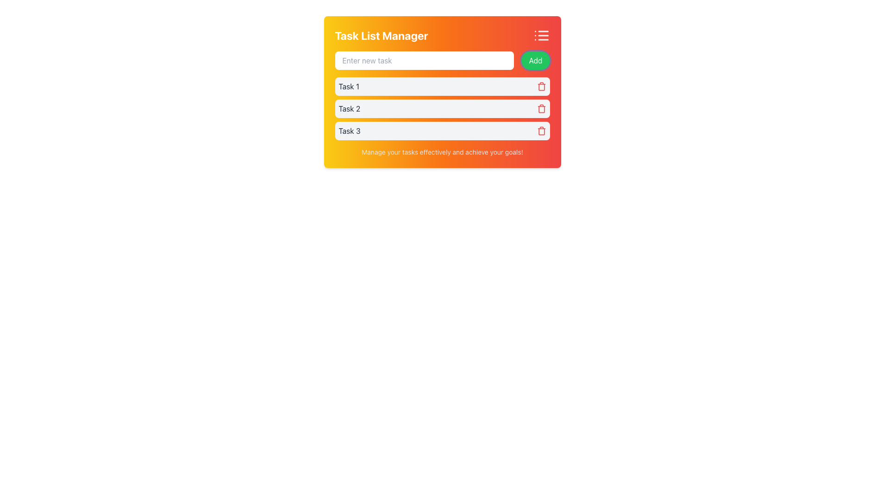 The width and height of the screenshot is (889, 500). What do you see at coordinates (349, 108) in the screenshot?
I see `the text label displaying 'Task 2' which is part of the second item in the 'Task List Manager'` at bounding box center [349, 108].